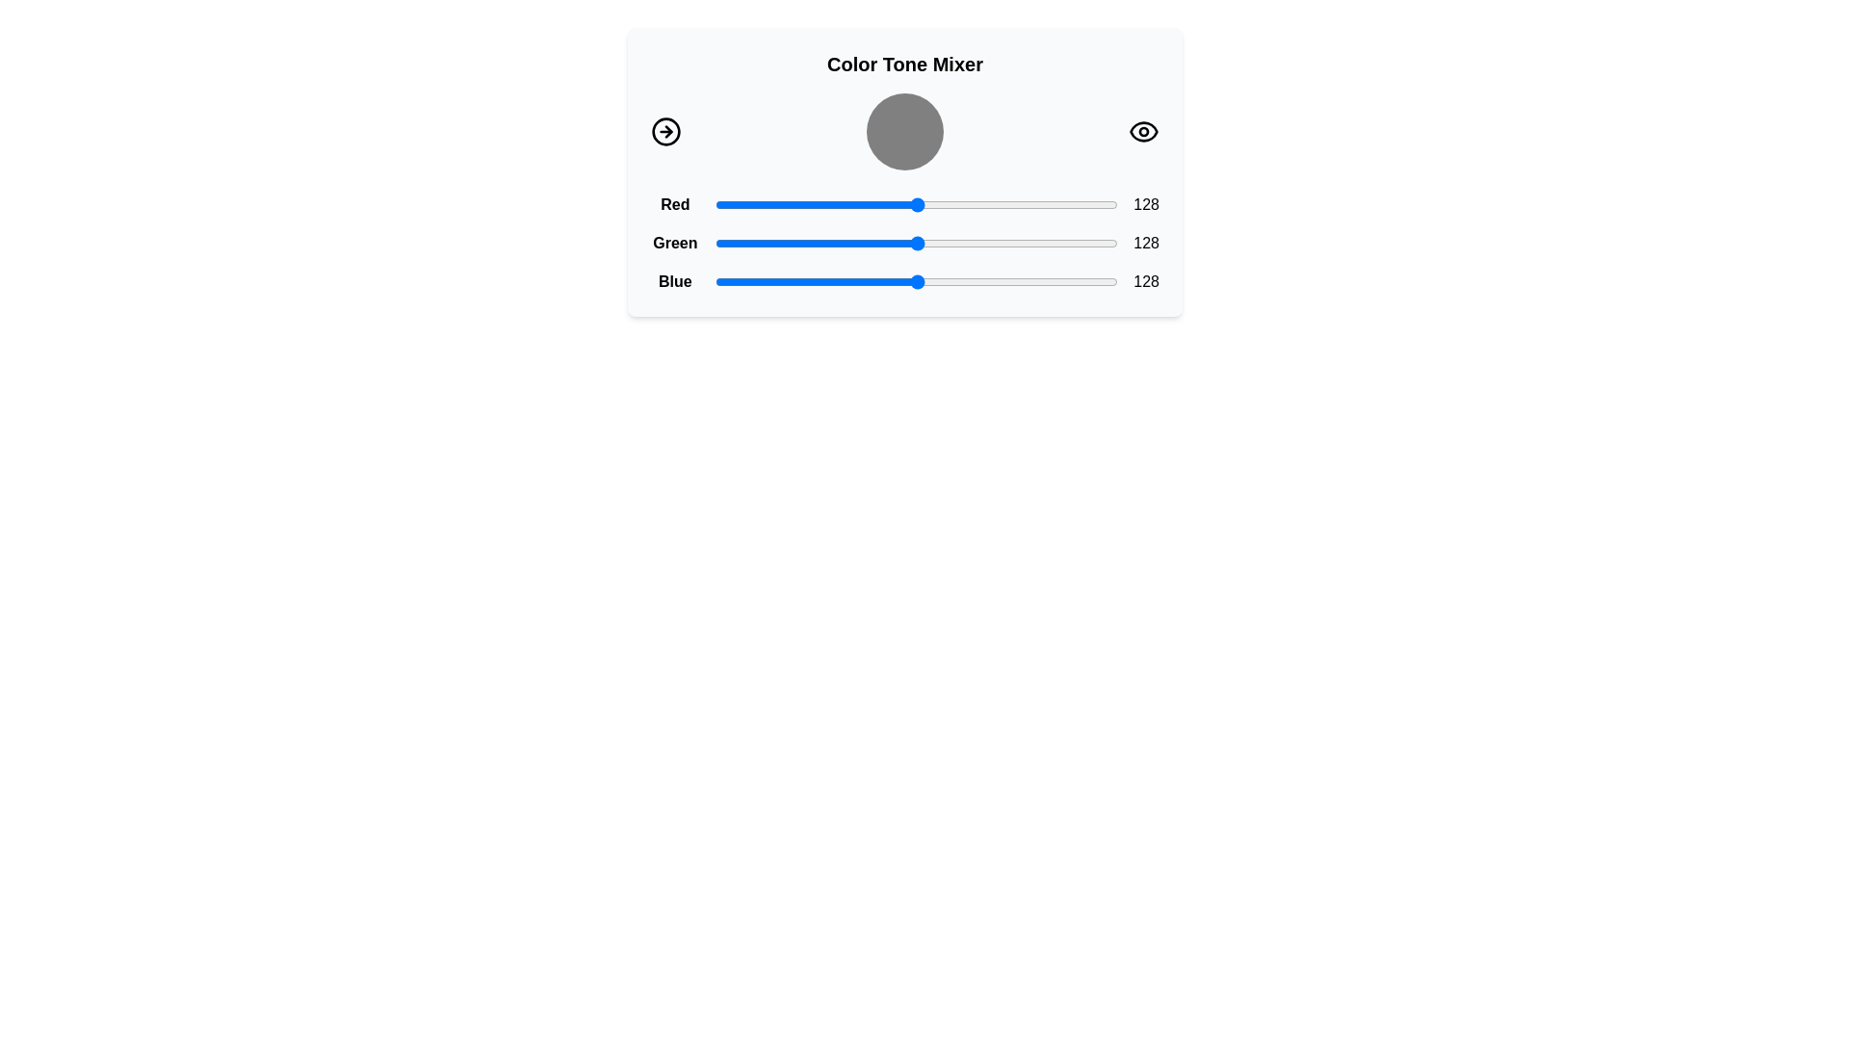 Image resolution: width=1849 pixels, height=1040 pixels. What do you see at coordinates (863, 243) in the screenshot?
I see `green color intensity` at bounding box center [863, 243].